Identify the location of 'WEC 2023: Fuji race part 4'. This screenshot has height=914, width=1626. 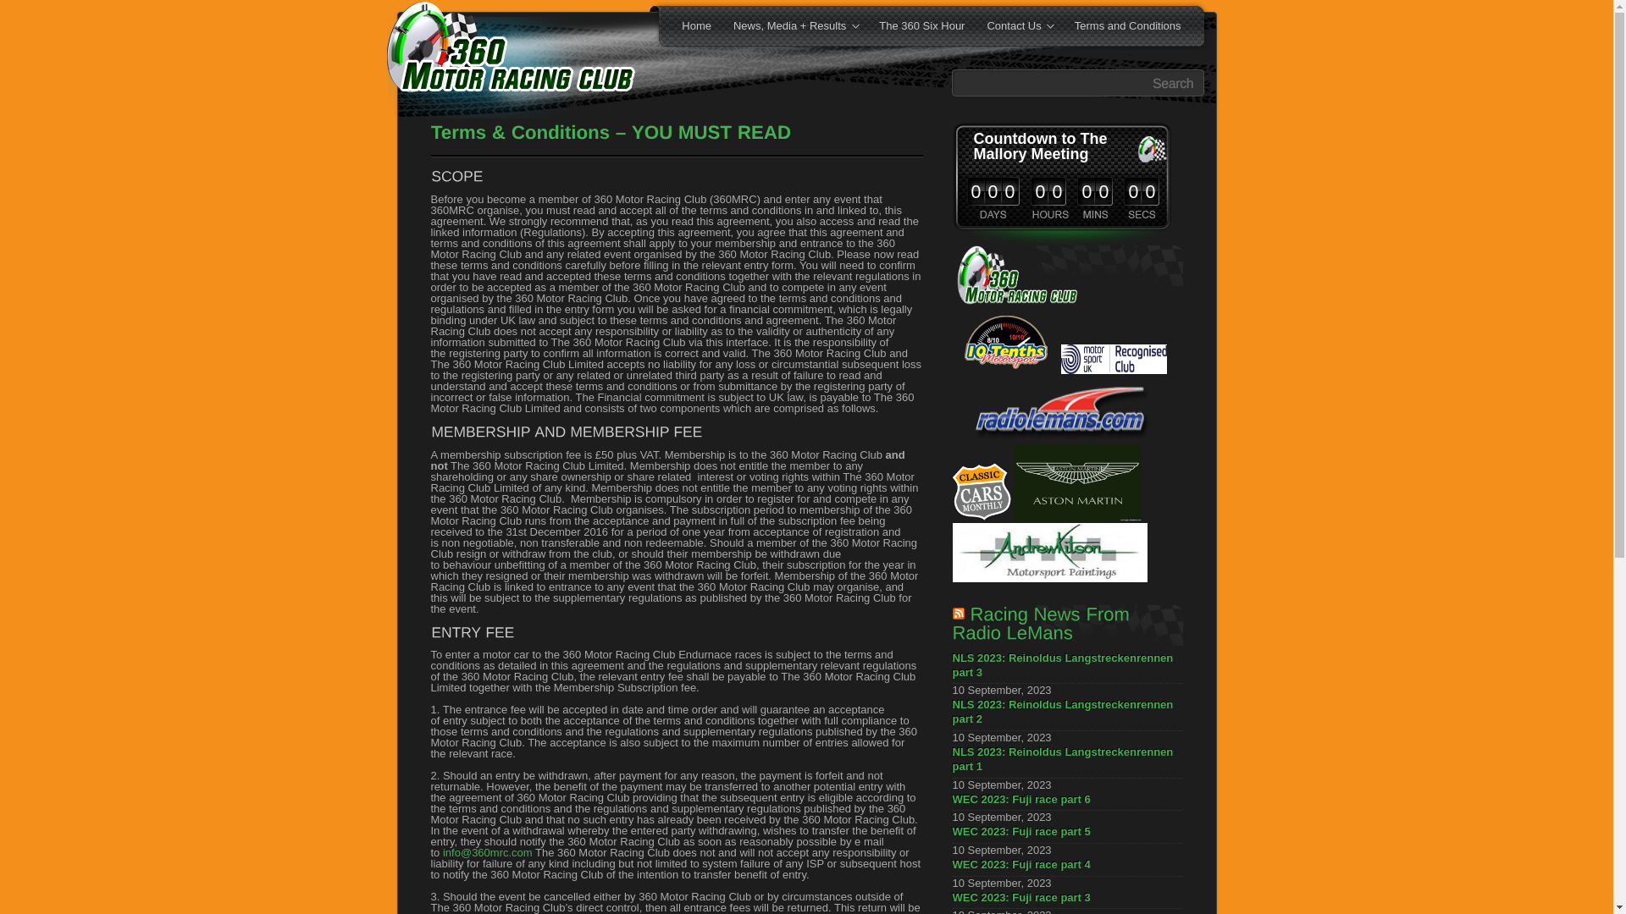
(951, 867).